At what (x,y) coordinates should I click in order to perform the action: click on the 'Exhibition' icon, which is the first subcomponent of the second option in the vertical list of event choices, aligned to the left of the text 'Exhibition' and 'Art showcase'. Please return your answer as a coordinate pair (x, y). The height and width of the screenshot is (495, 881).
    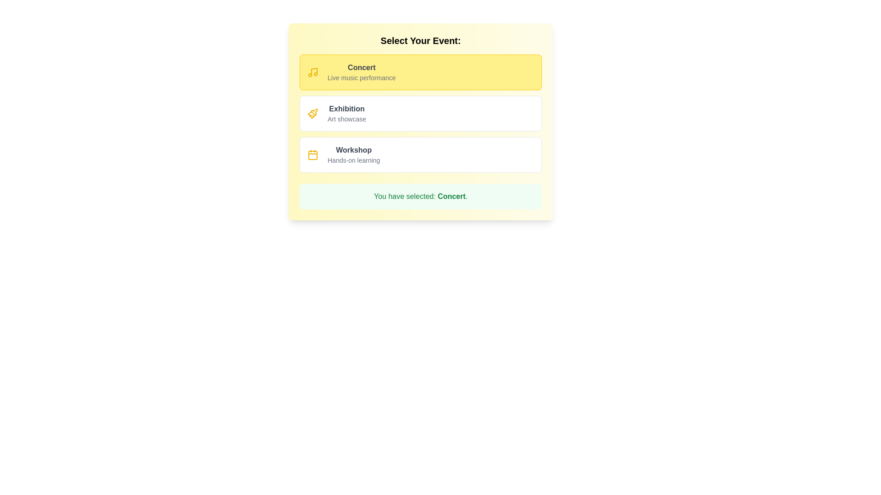
    Looking at the image, I should click on (315, 113).